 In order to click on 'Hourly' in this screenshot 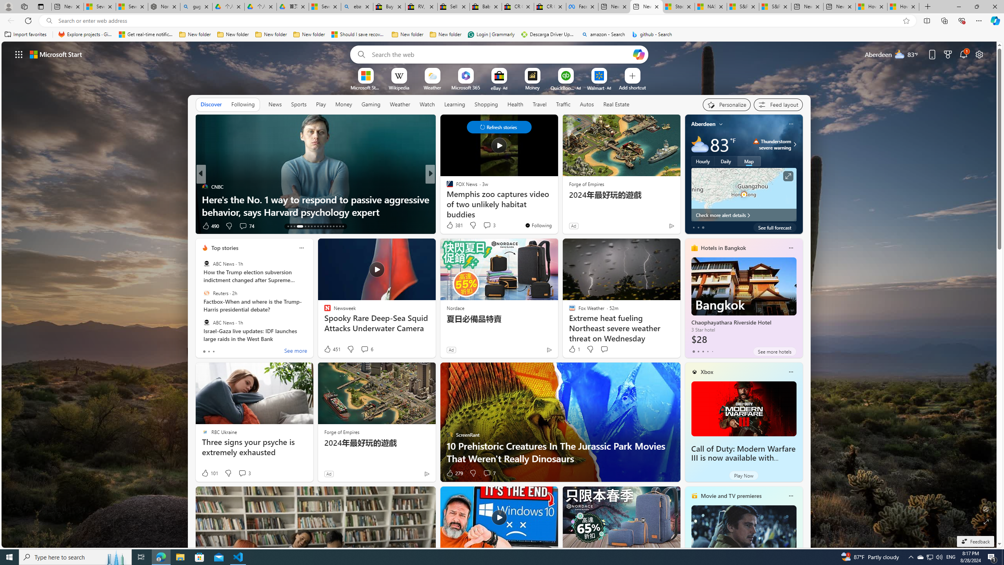, I will do `click(702, 160)`.